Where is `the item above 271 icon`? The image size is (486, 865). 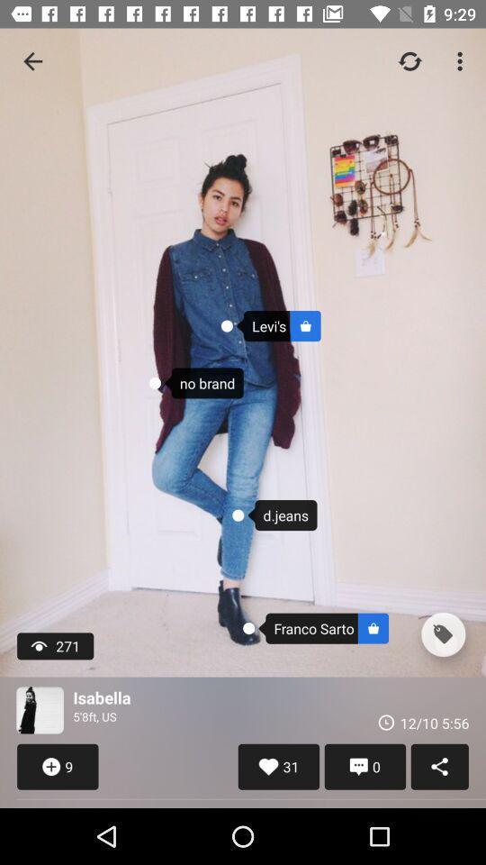
the item above 271 icon is located at coordinates (32, 61).